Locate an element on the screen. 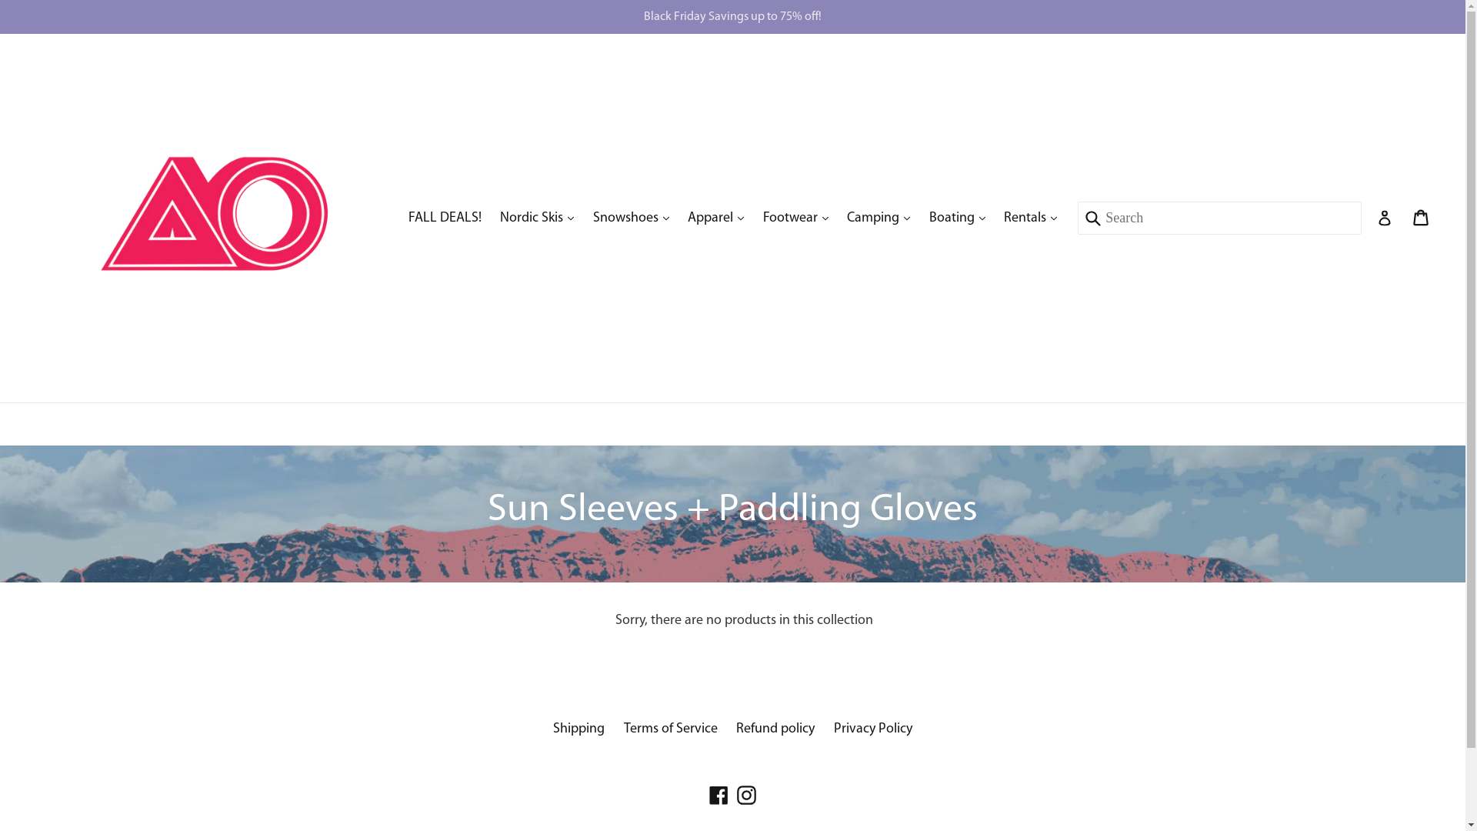 Image resolution: width=1477 pixels, height=831 pixels. 'Privacy Policy' is located at coordinates (872, 728).